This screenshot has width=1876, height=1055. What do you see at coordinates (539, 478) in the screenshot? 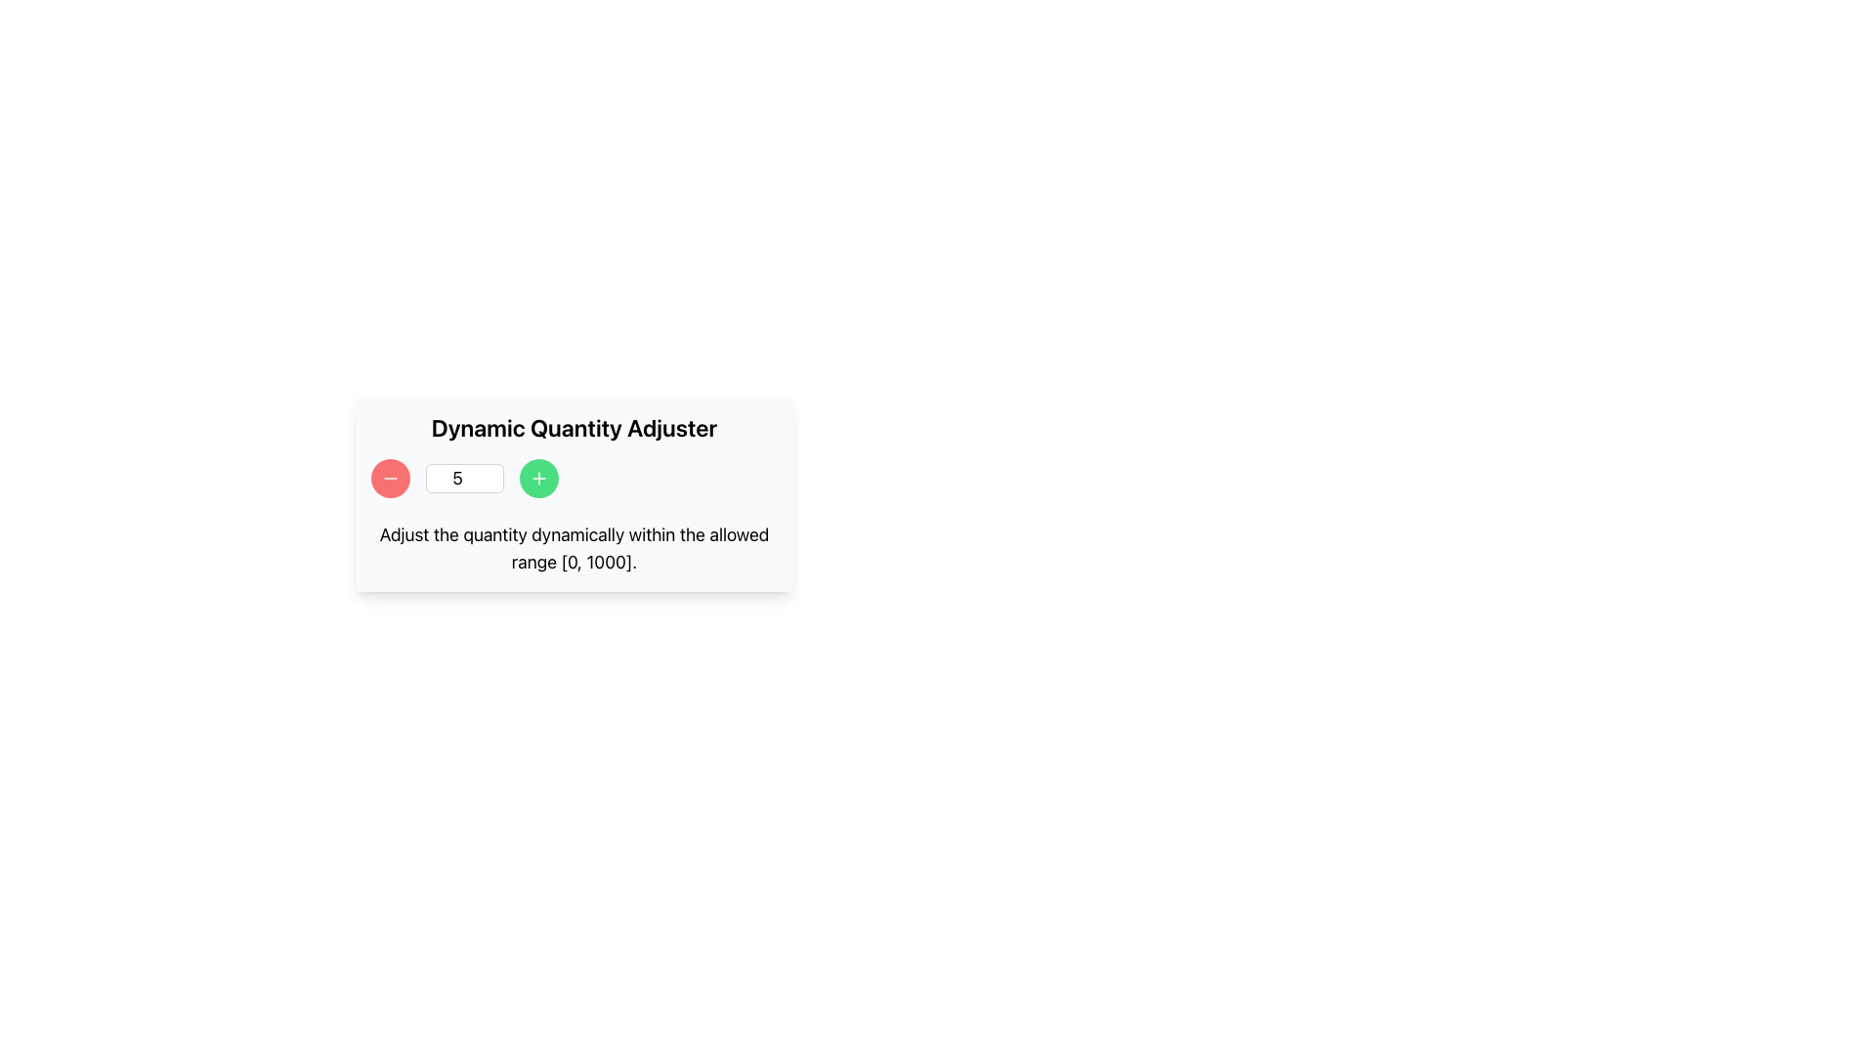
I see `the green circular button icon that indicates an action to increase or add to the current value associated with the 'Dynamic Quantity Adjuster'` at bounding box center [539, 478].